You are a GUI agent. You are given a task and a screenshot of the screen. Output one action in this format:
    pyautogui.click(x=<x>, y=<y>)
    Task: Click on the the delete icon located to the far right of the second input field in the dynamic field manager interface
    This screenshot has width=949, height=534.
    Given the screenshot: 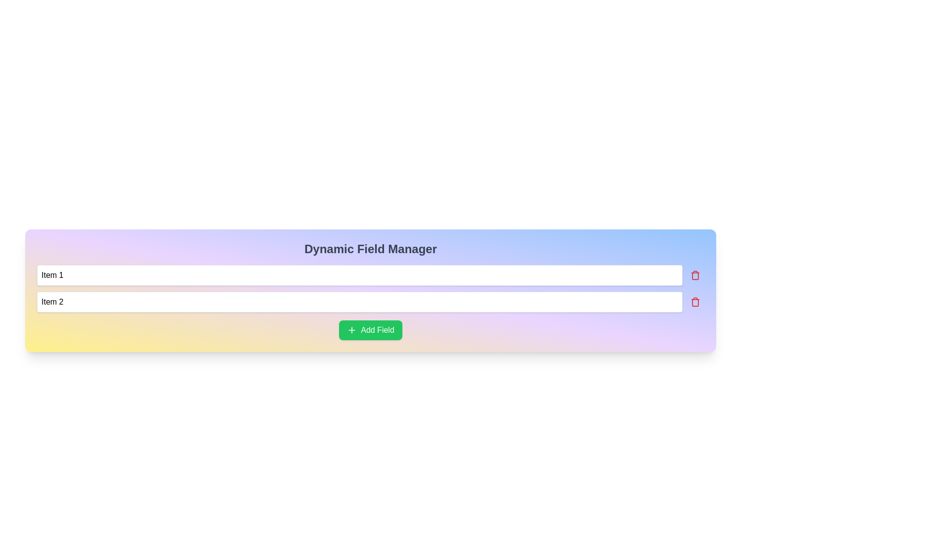 What is the action you would take?
    pyautogui.click(x=694, y=301)
    